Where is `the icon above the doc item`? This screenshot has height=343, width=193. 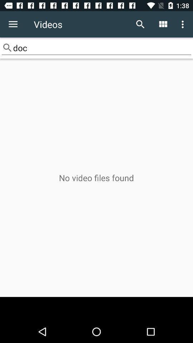 the icon above the doc item is located at coordinates (13, 24).